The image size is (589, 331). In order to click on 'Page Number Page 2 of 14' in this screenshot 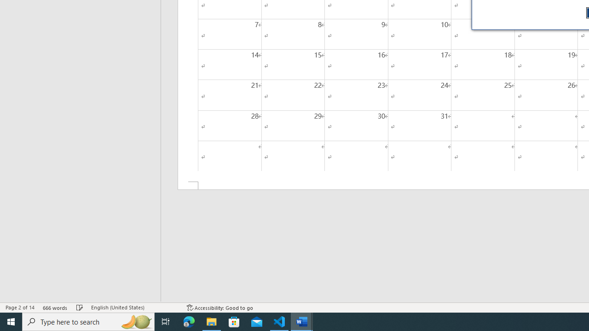, I will do `click(20, 308)`.